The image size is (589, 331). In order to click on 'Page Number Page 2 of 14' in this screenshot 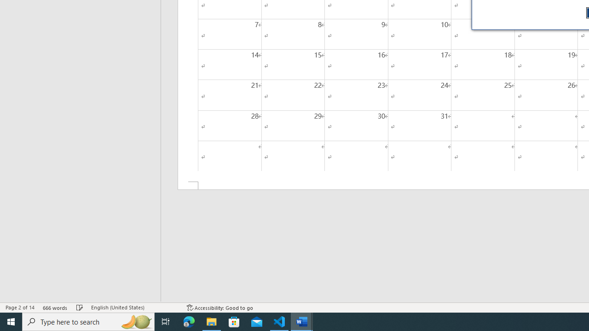, I will do `click(20, 308)`.